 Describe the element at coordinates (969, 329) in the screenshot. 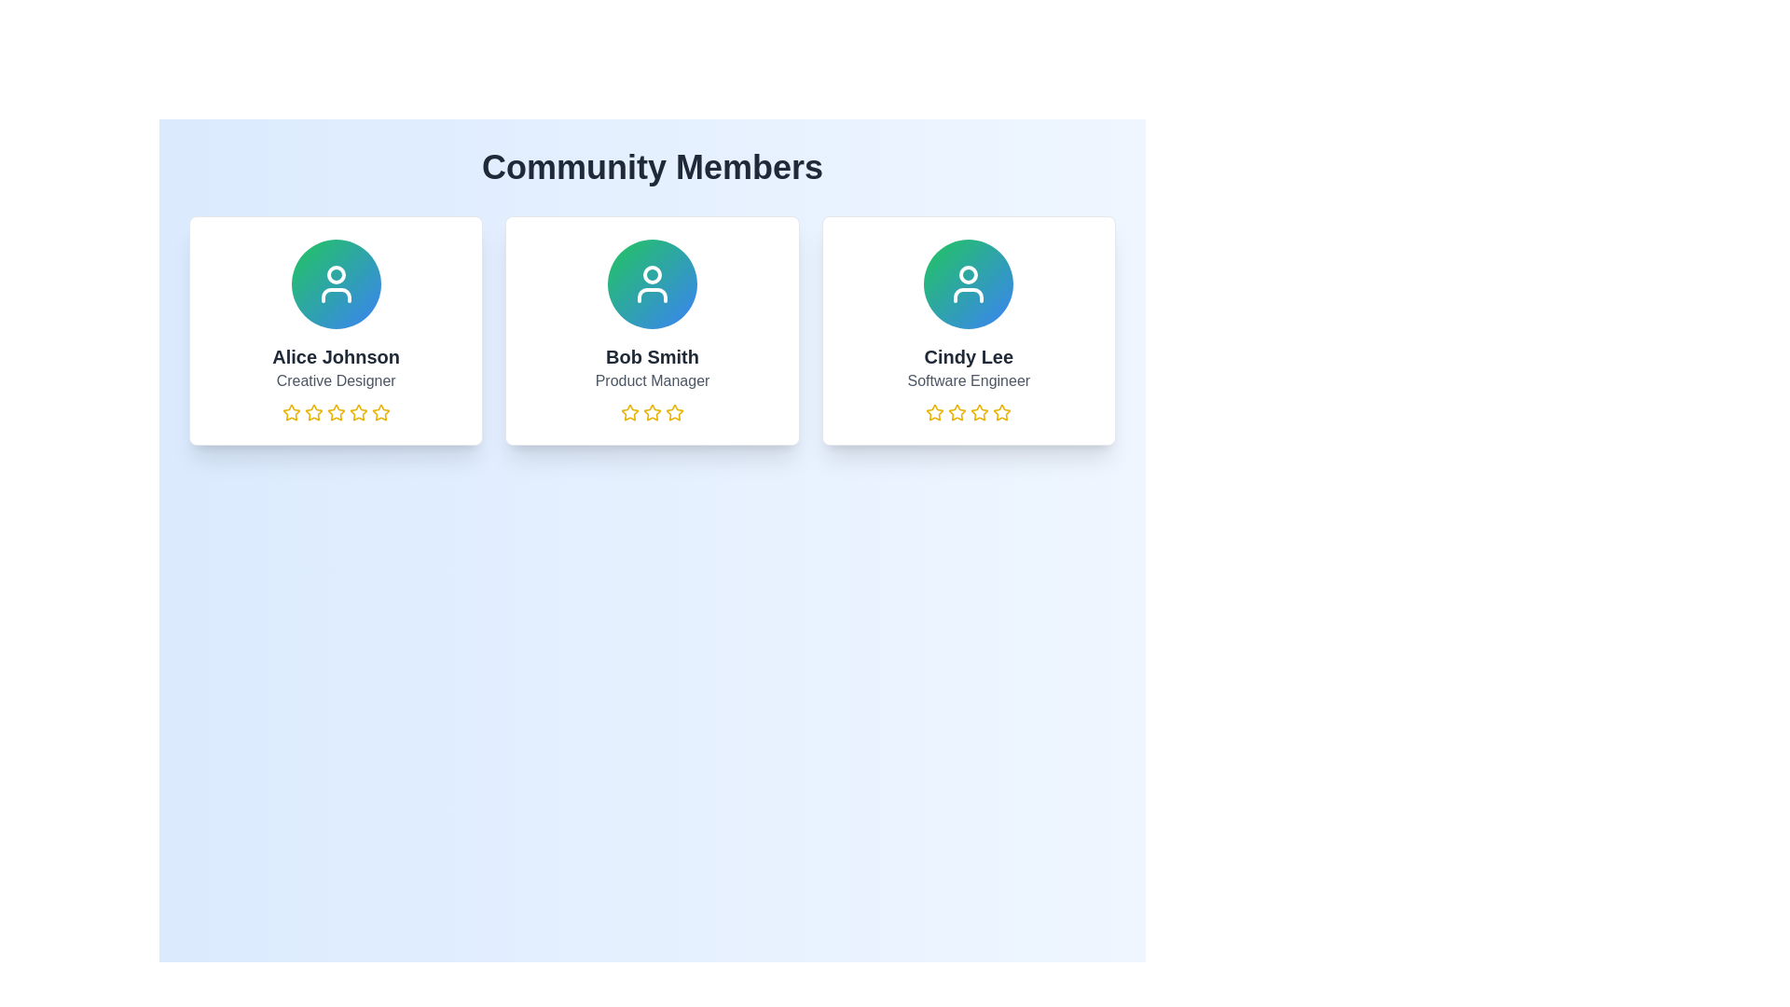

I see `information displayed on the Informational card for Cindy Lee, which includes her name, title, user icon, and rating system, located in the third column of the grid layout` at that location.